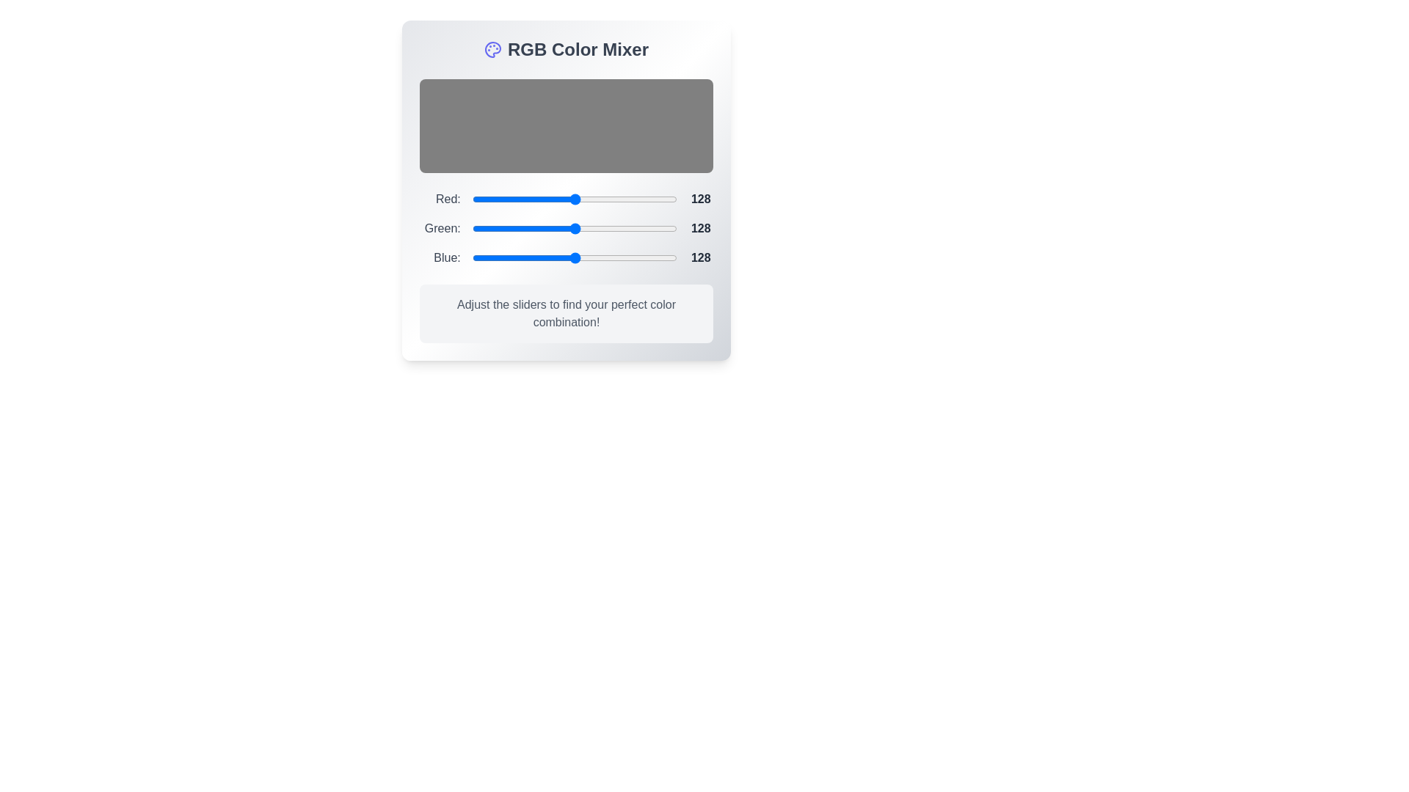  I want to click on the 0 slider to 78, so click(534, 199).